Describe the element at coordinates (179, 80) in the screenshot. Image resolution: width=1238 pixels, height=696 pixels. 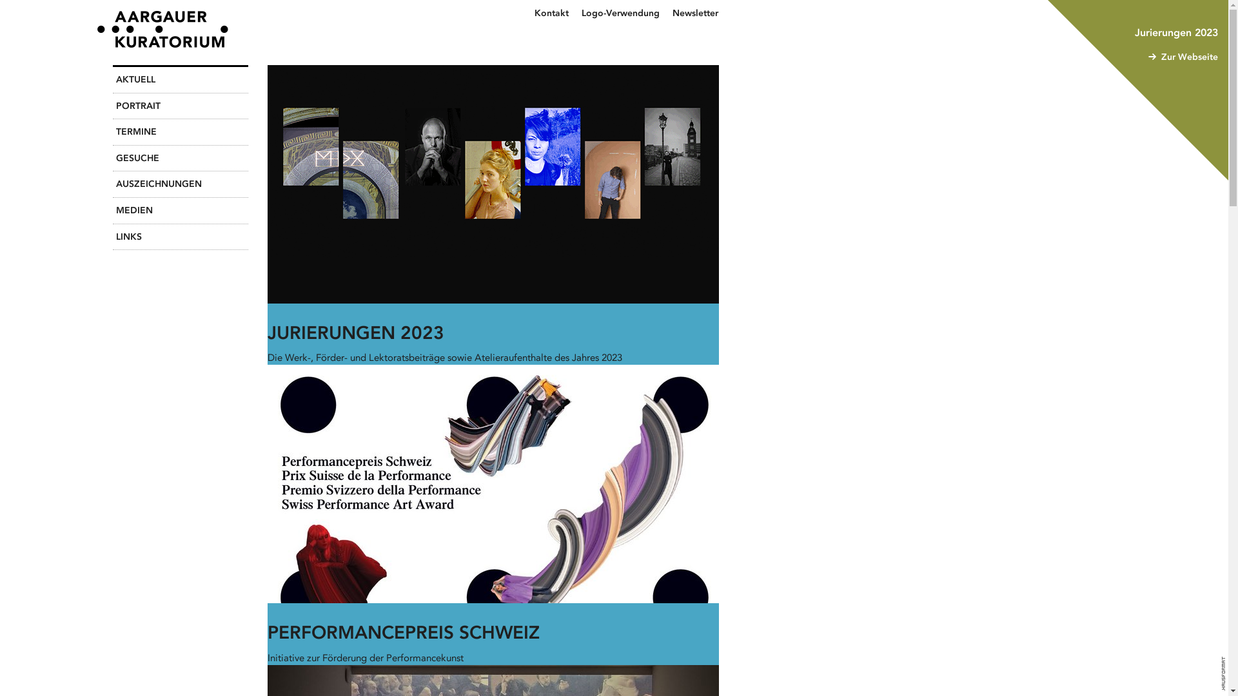
I see `'AKTUELL'` at that location.